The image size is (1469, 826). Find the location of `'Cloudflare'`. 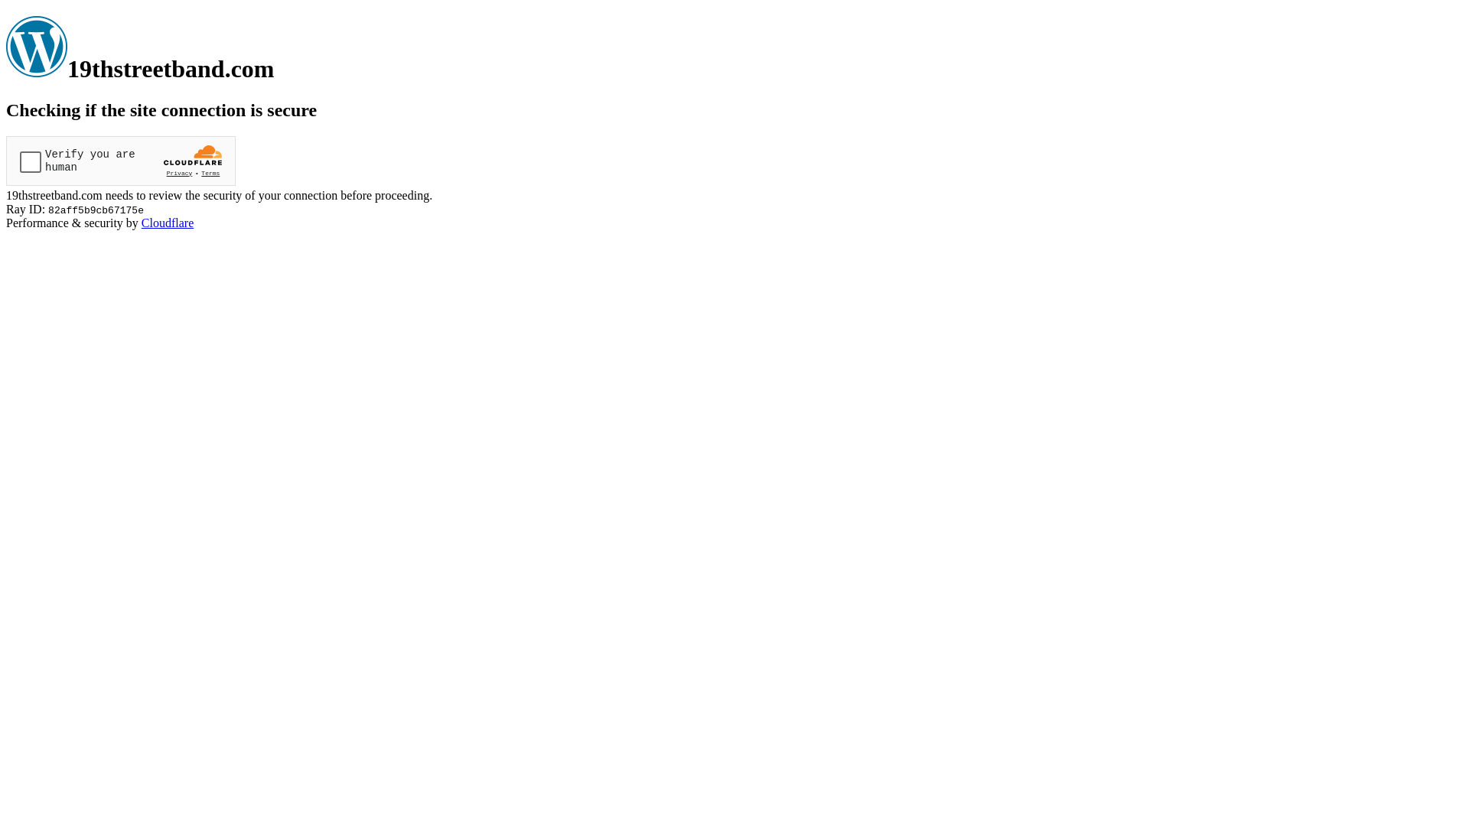

'Cloudflare' is located at coordinates (168, 223).